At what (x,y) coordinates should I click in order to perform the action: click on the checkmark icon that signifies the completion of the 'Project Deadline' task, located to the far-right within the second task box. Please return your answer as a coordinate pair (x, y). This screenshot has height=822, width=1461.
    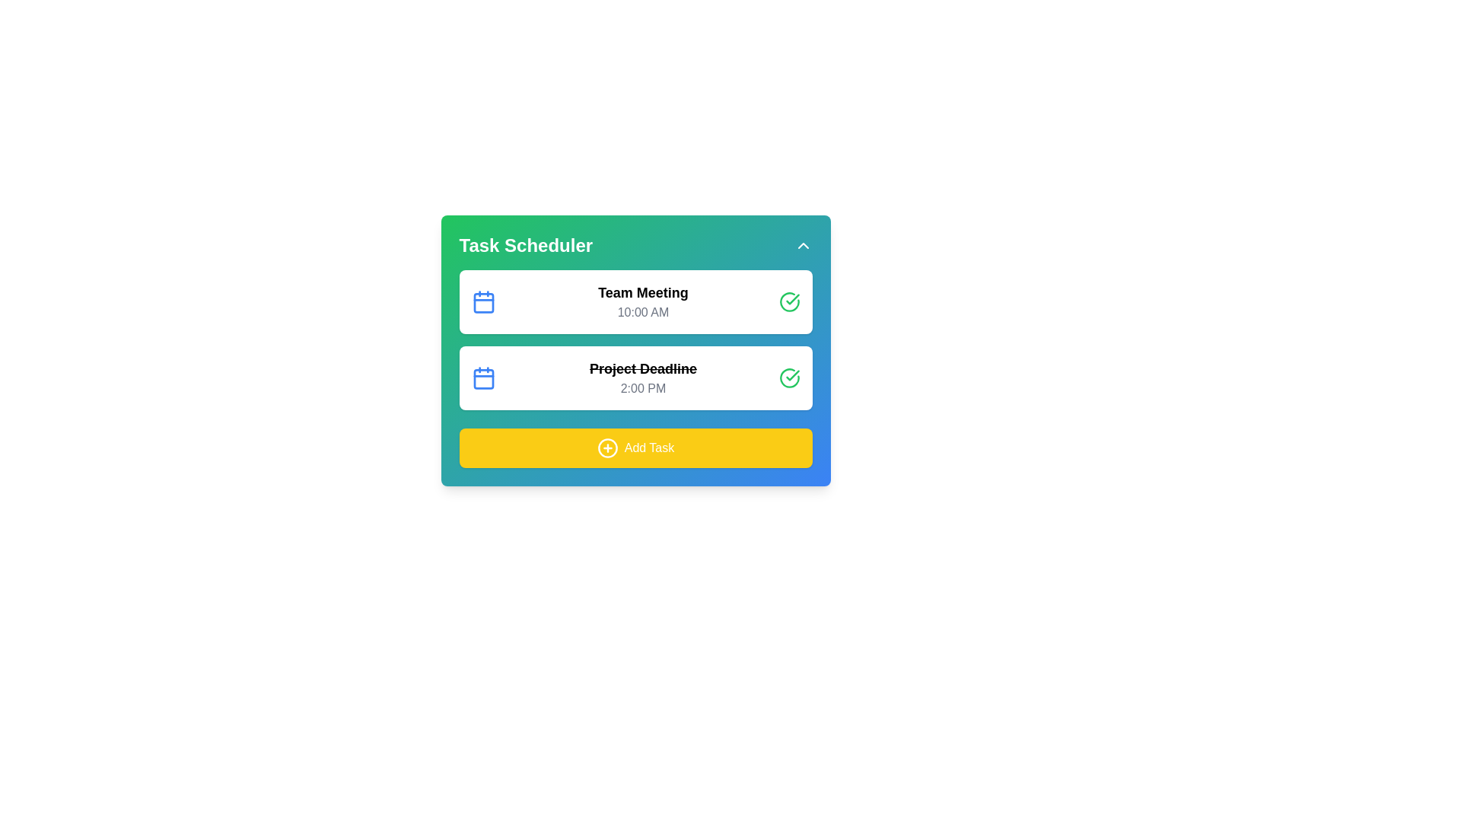
    Looking at the image, I should click on (791, 299).